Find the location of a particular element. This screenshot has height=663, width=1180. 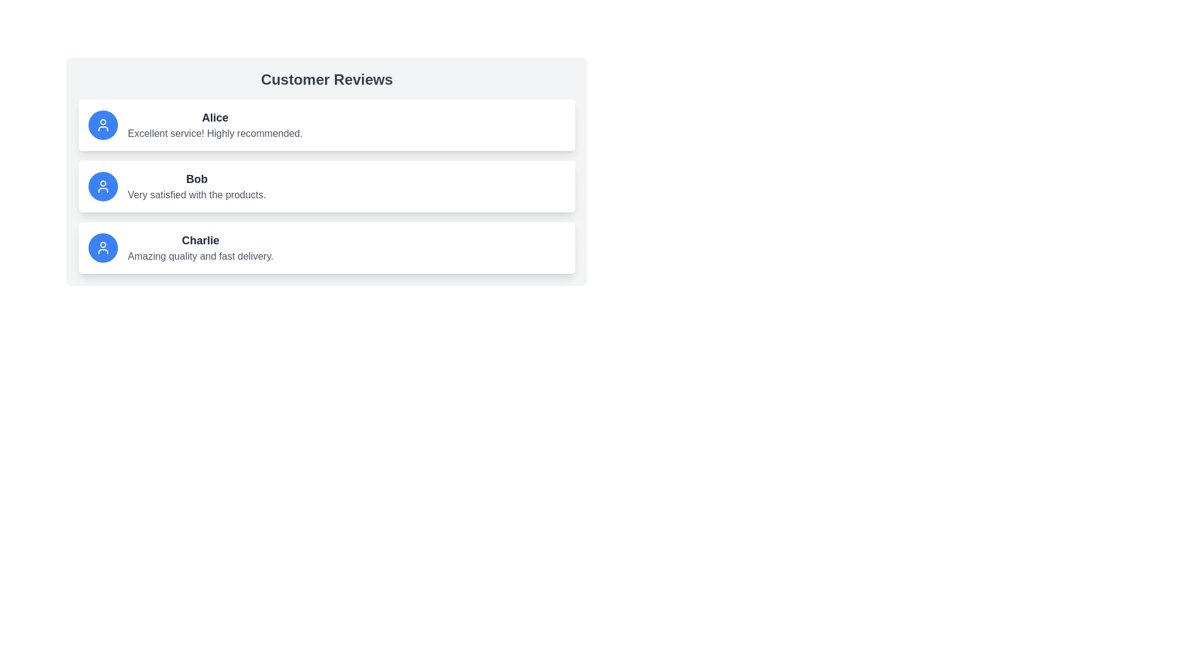

the header text labeled 'Customer Reviews', which is styled in bold and large font, located at the top of the card above the customer reviews is located at coordinates (327, 80).